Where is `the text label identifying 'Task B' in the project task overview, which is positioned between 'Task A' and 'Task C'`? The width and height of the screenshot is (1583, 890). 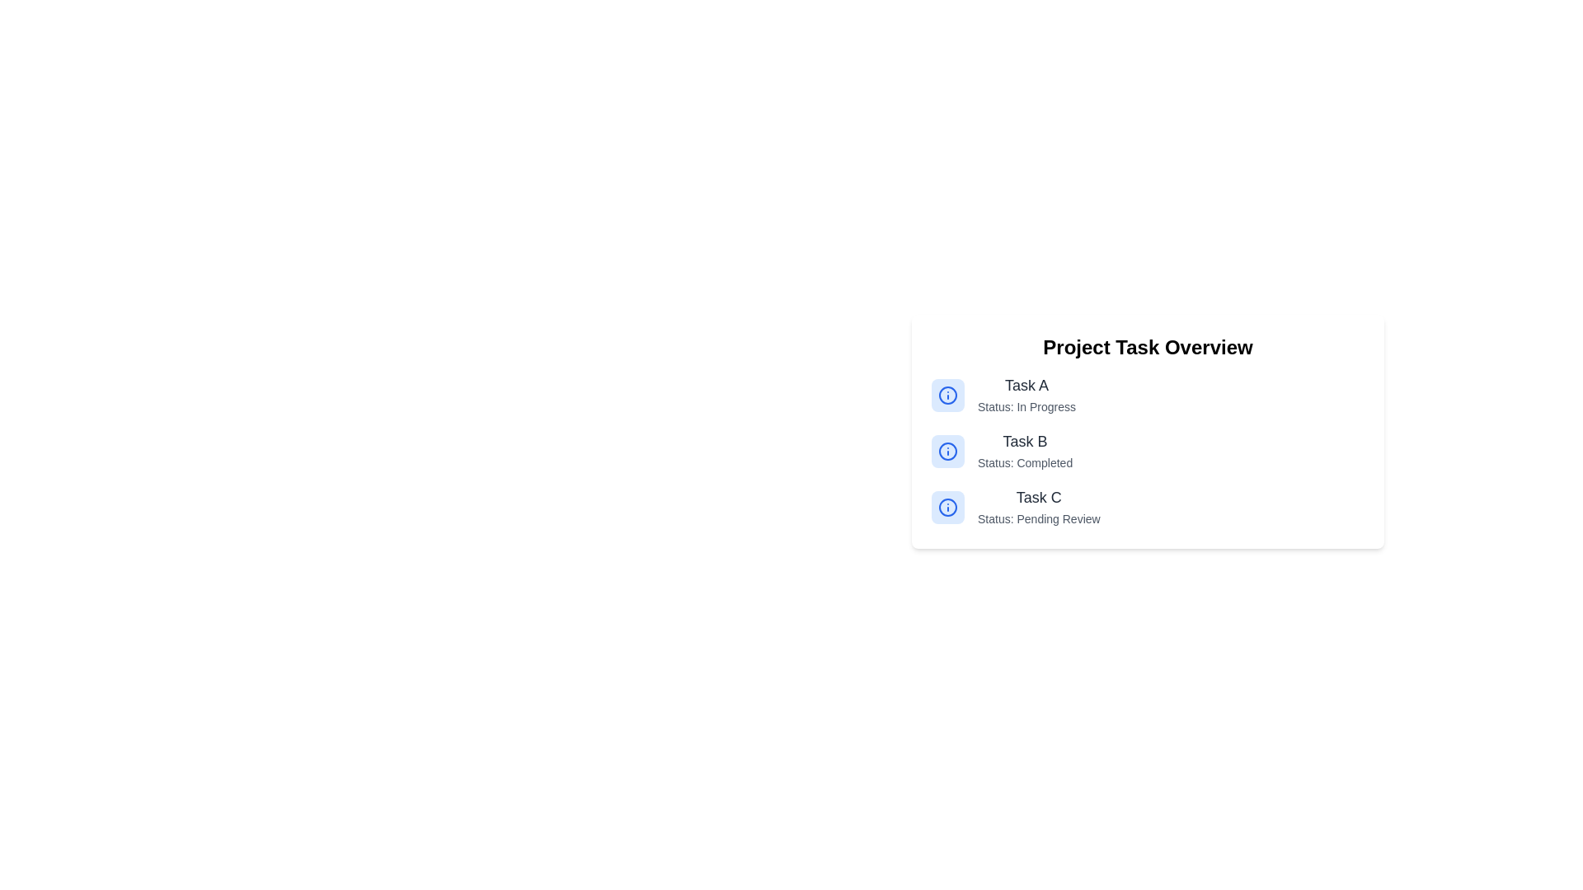
the text label identifying 'Task B' in the project task overview, which is positioned between 'Task A' and 'Task C' is located at coordinates (1024, 441).